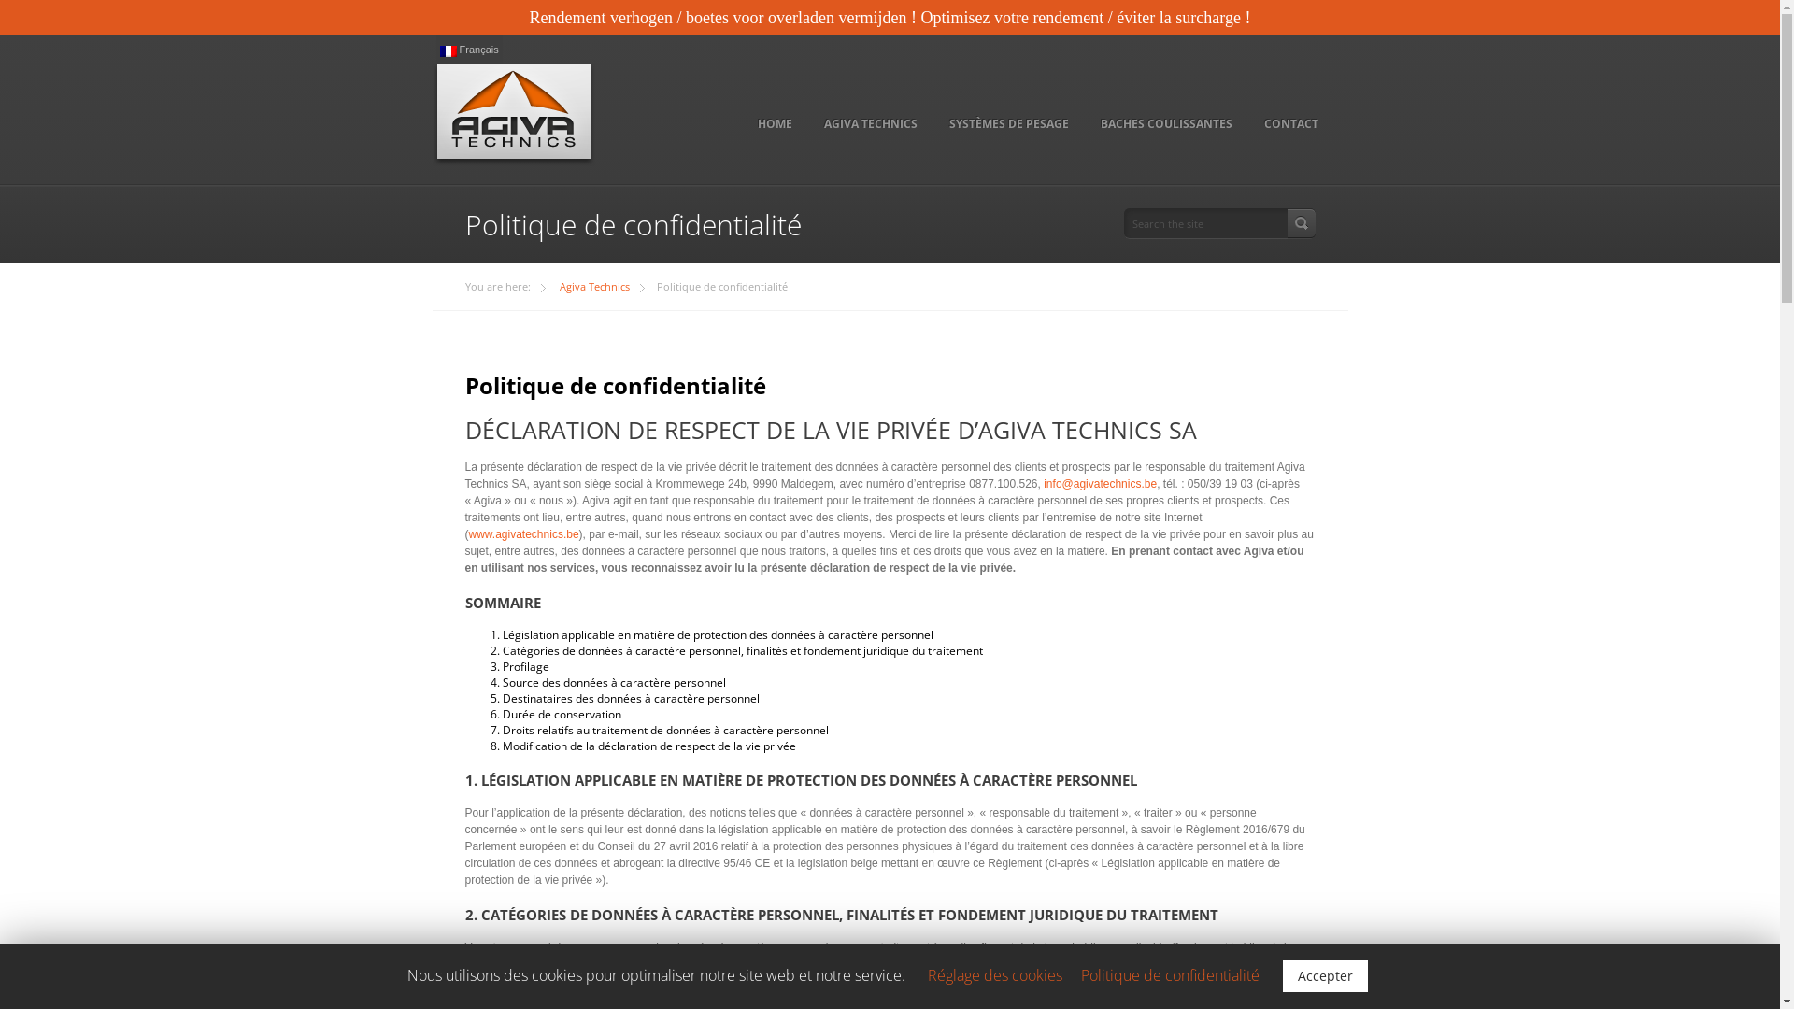 Image resolution: width=1794 pixels, height=1009 pixels. What do you see at coordinates (523, 533) in the screenshot?
I see `'www.agivatechnics.be'` at bounding box center [523, 533].